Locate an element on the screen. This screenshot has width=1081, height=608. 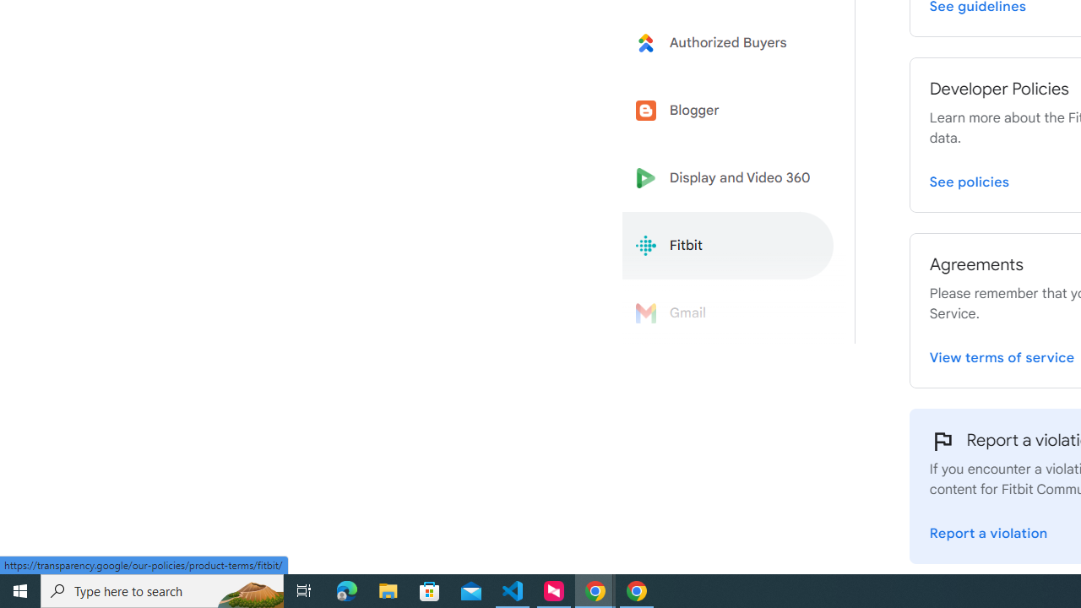
'View Fitbit Developer Policies page' is located at coordinates (970, 179).